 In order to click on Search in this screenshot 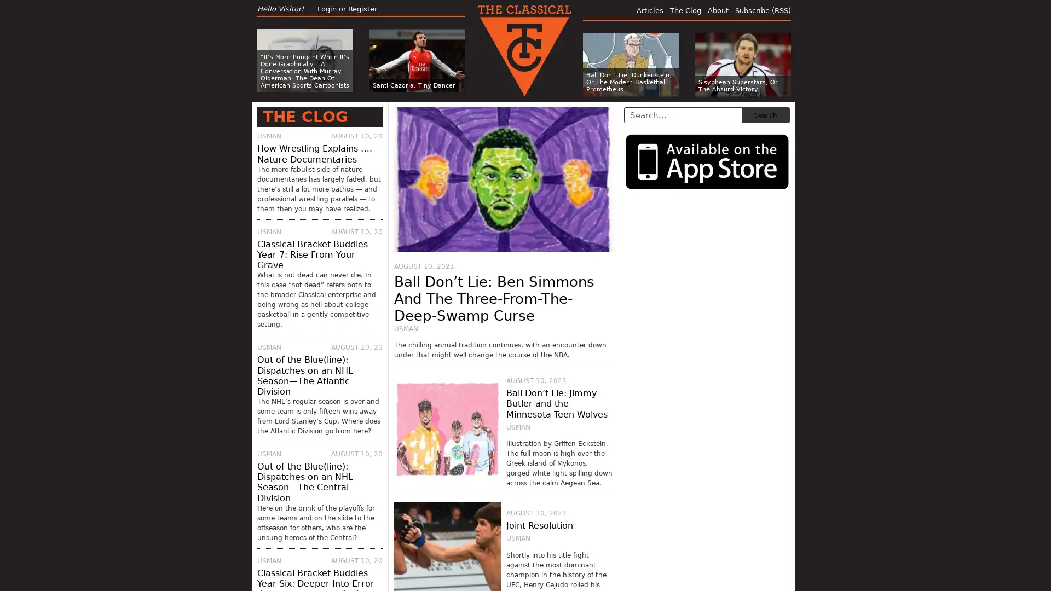, I will do `click(765, 115)`.